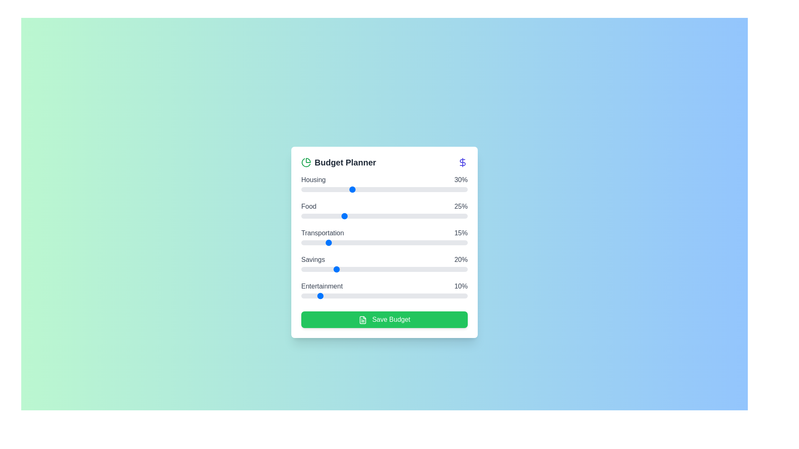 The height and width of the screenshot is (449, 799). Describe the element at coordinates (369, 296) in the screenshot. I see `the slider for 'Entertainment' to set its percentage to 41` at that location.